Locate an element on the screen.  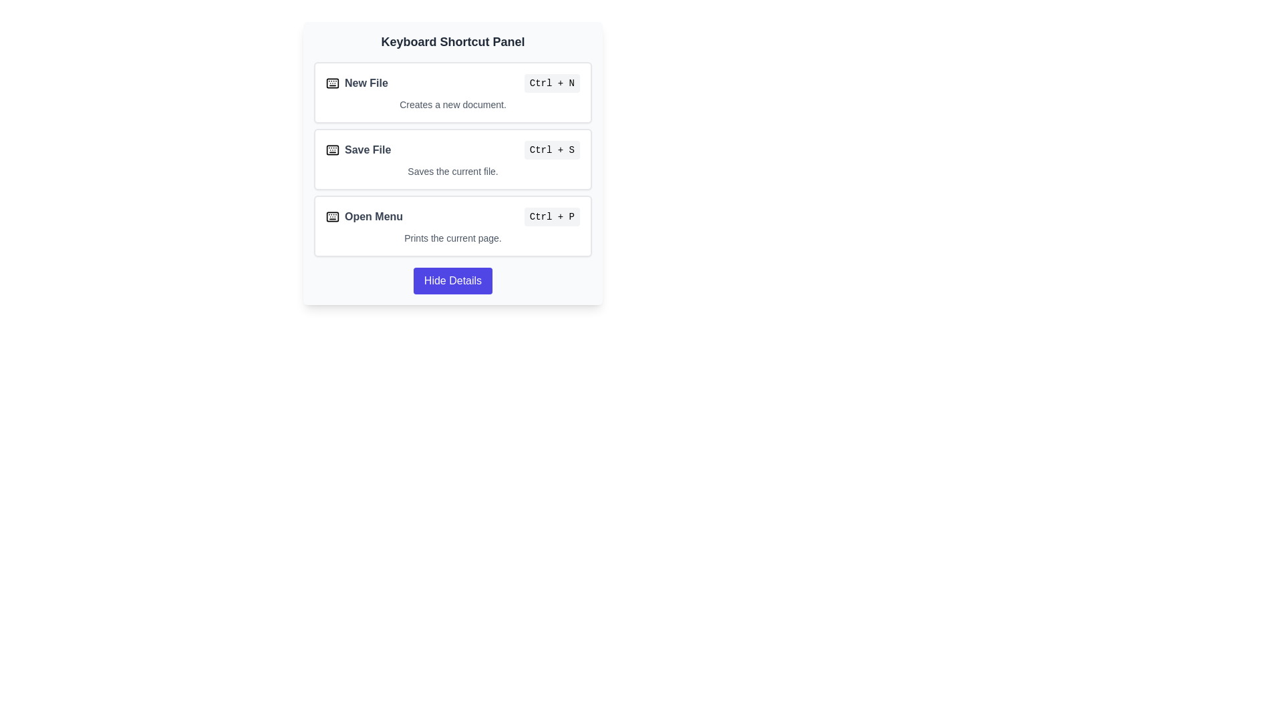
the button located at the bottom-center of the modal containing keyboard shortcuts is located at coordinates (452, 280).